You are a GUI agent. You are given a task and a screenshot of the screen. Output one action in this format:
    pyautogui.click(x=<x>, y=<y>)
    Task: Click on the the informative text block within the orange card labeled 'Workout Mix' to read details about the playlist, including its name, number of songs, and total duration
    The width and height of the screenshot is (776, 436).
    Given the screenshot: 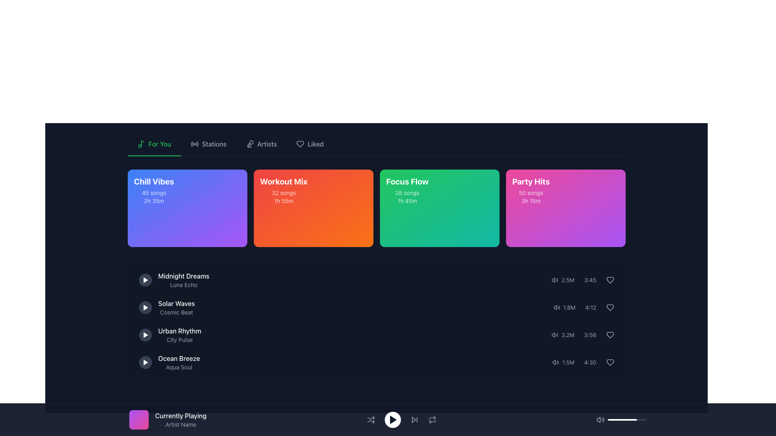 What is the action you would take?
    pyautogui.click(x=284, y=190)
    